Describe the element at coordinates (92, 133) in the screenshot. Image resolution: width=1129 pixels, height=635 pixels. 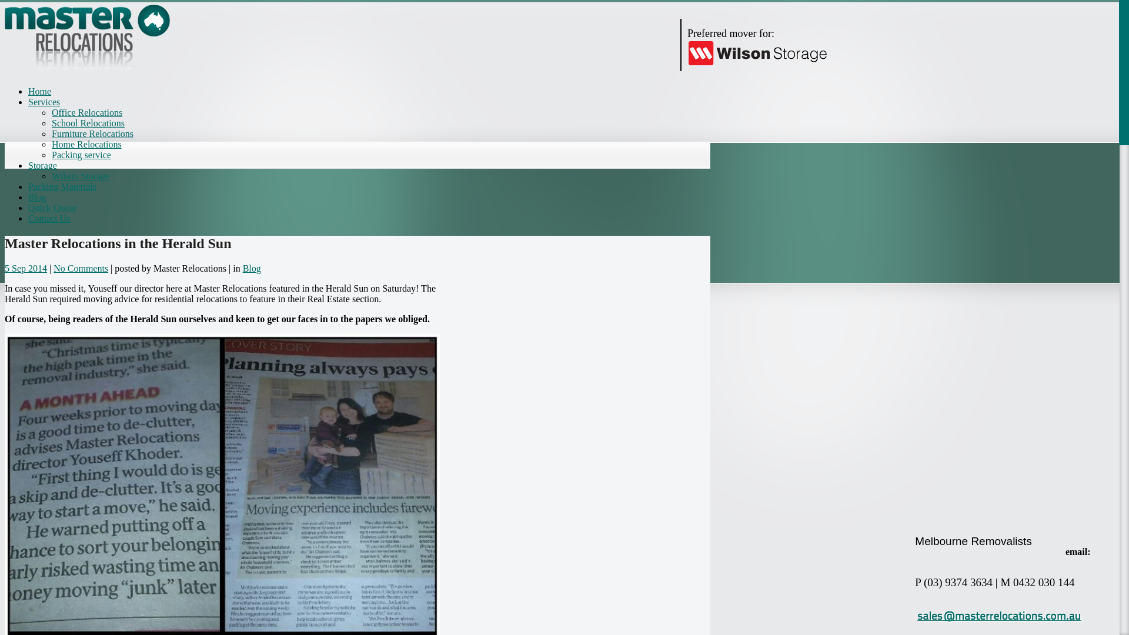
I see `'Furniture Relocations'` at that location.